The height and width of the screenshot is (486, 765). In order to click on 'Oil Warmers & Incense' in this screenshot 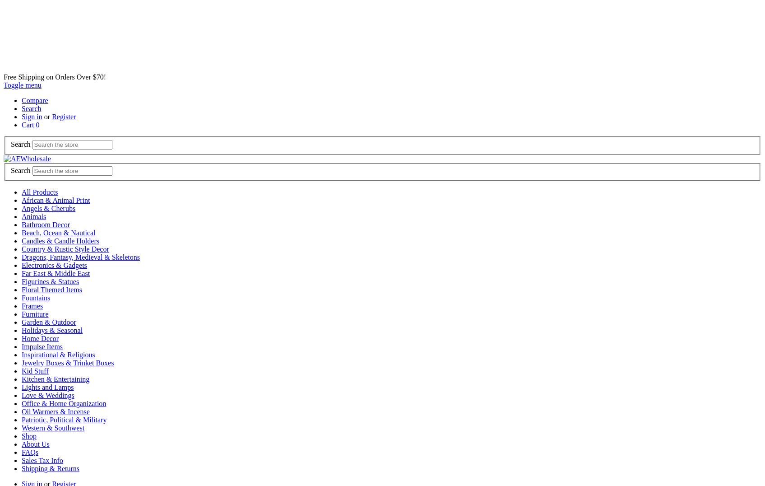, I will do `click(55, 411)`.